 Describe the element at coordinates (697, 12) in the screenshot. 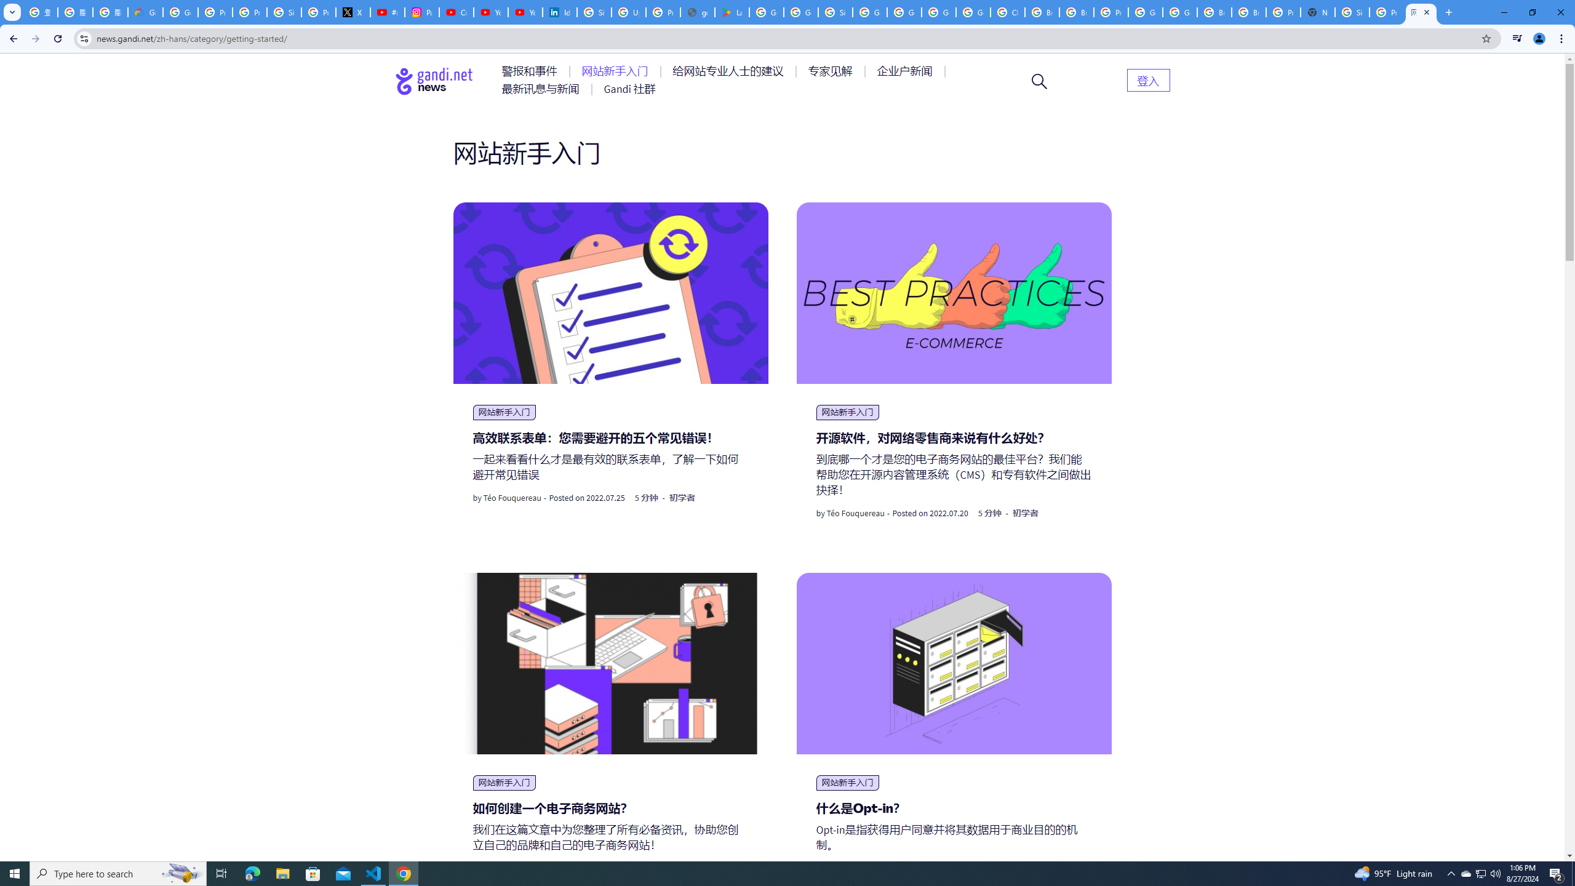

I see `'google_privacy_policy_en.pdf'` at that location.